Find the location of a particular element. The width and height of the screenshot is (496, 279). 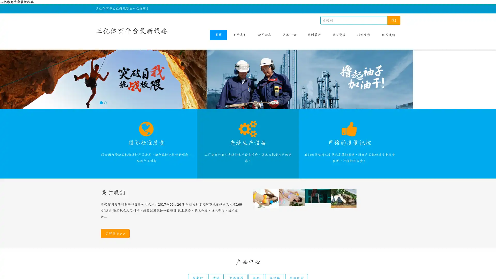

! is located at coordinates (393, 20).